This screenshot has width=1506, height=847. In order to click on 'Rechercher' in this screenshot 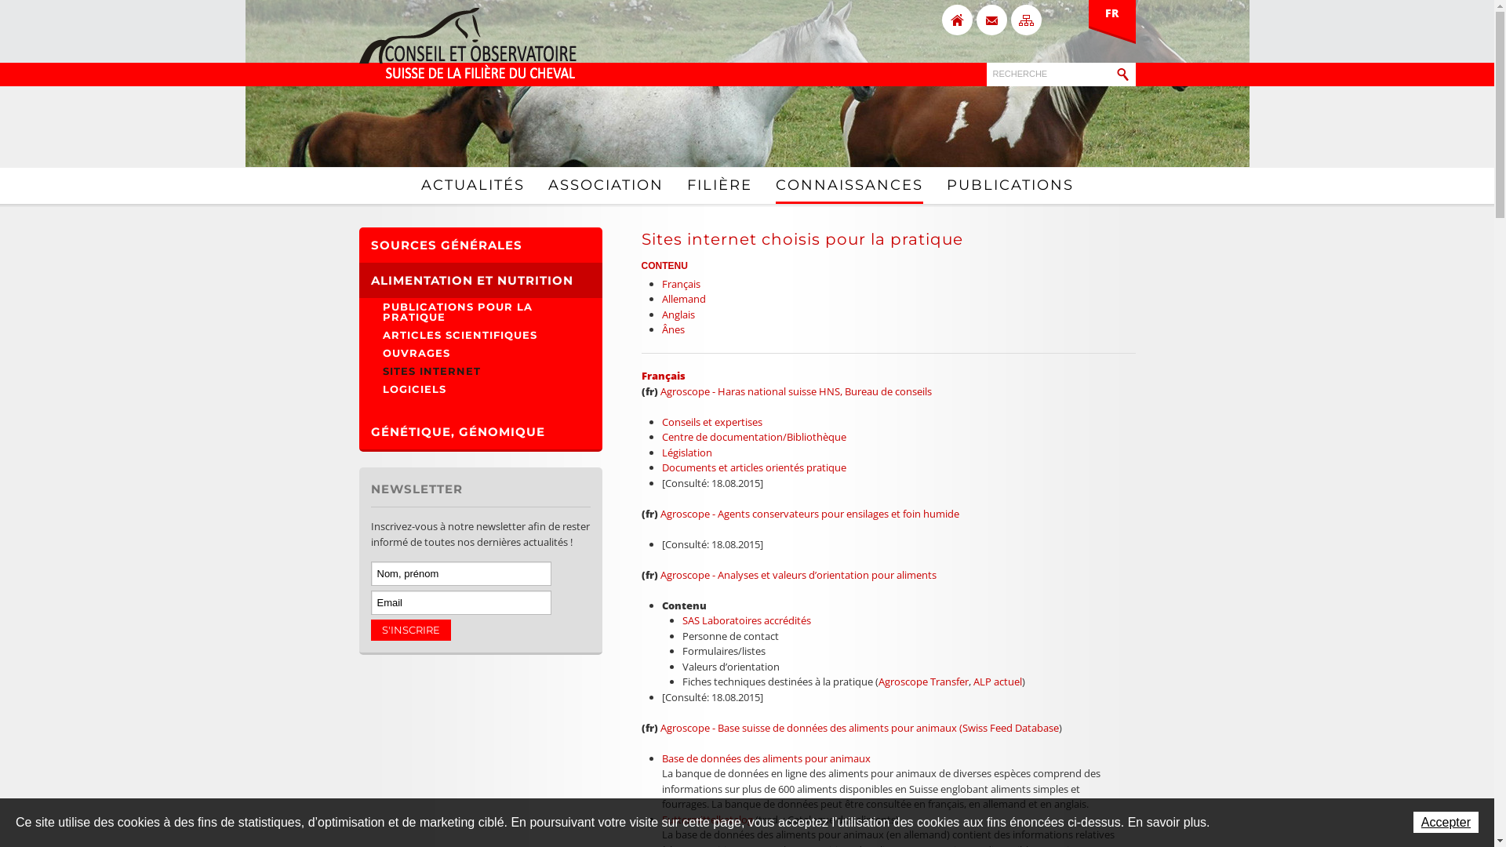, I will do `click(1121, 75)`.